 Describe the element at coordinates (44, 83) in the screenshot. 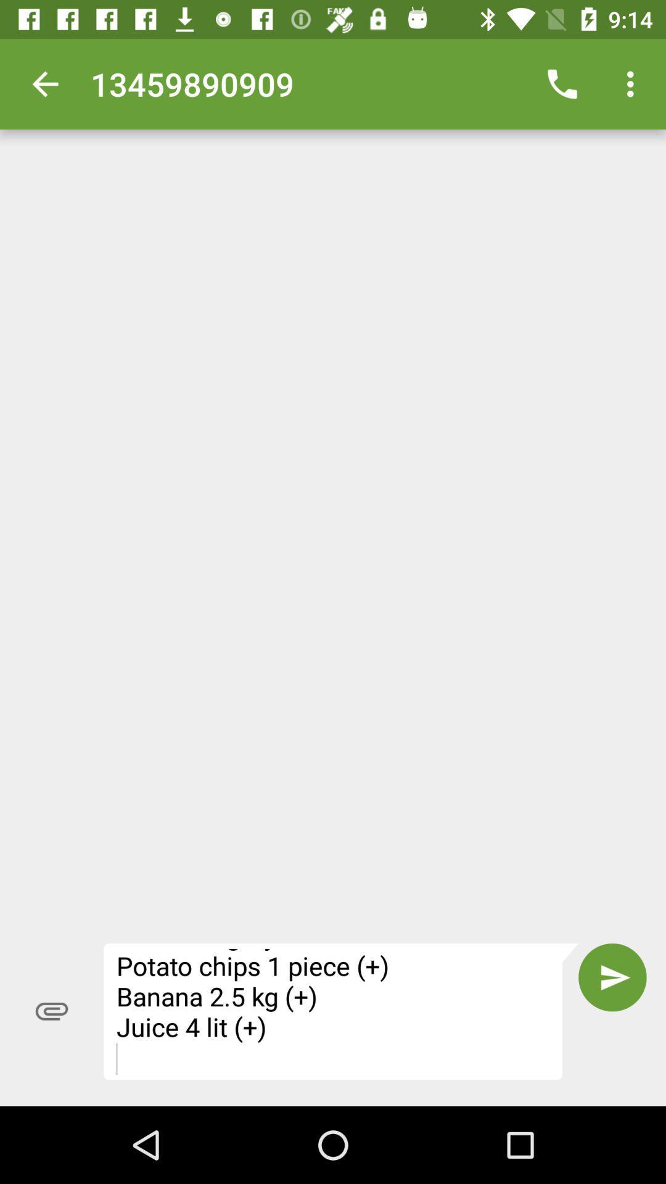

I see `icon to the left of the 13459890909 item` at that location.